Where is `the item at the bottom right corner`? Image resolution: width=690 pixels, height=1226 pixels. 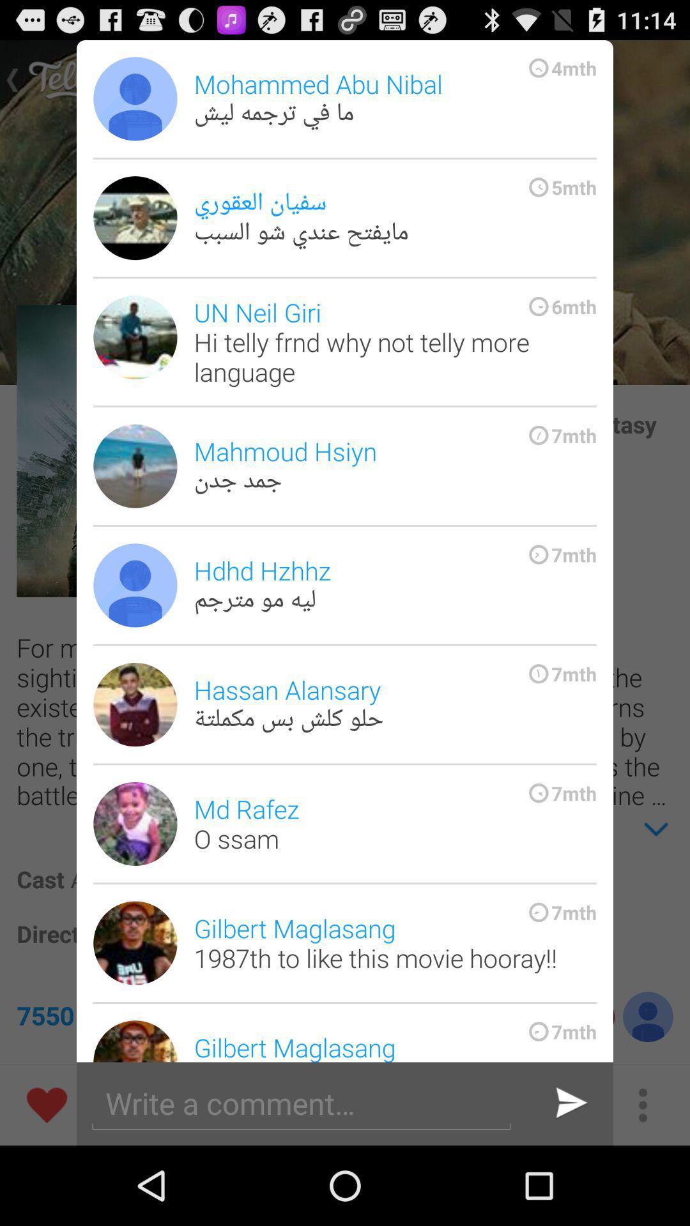
the item at the bottom right corner is located at coordinates (569, 1103).